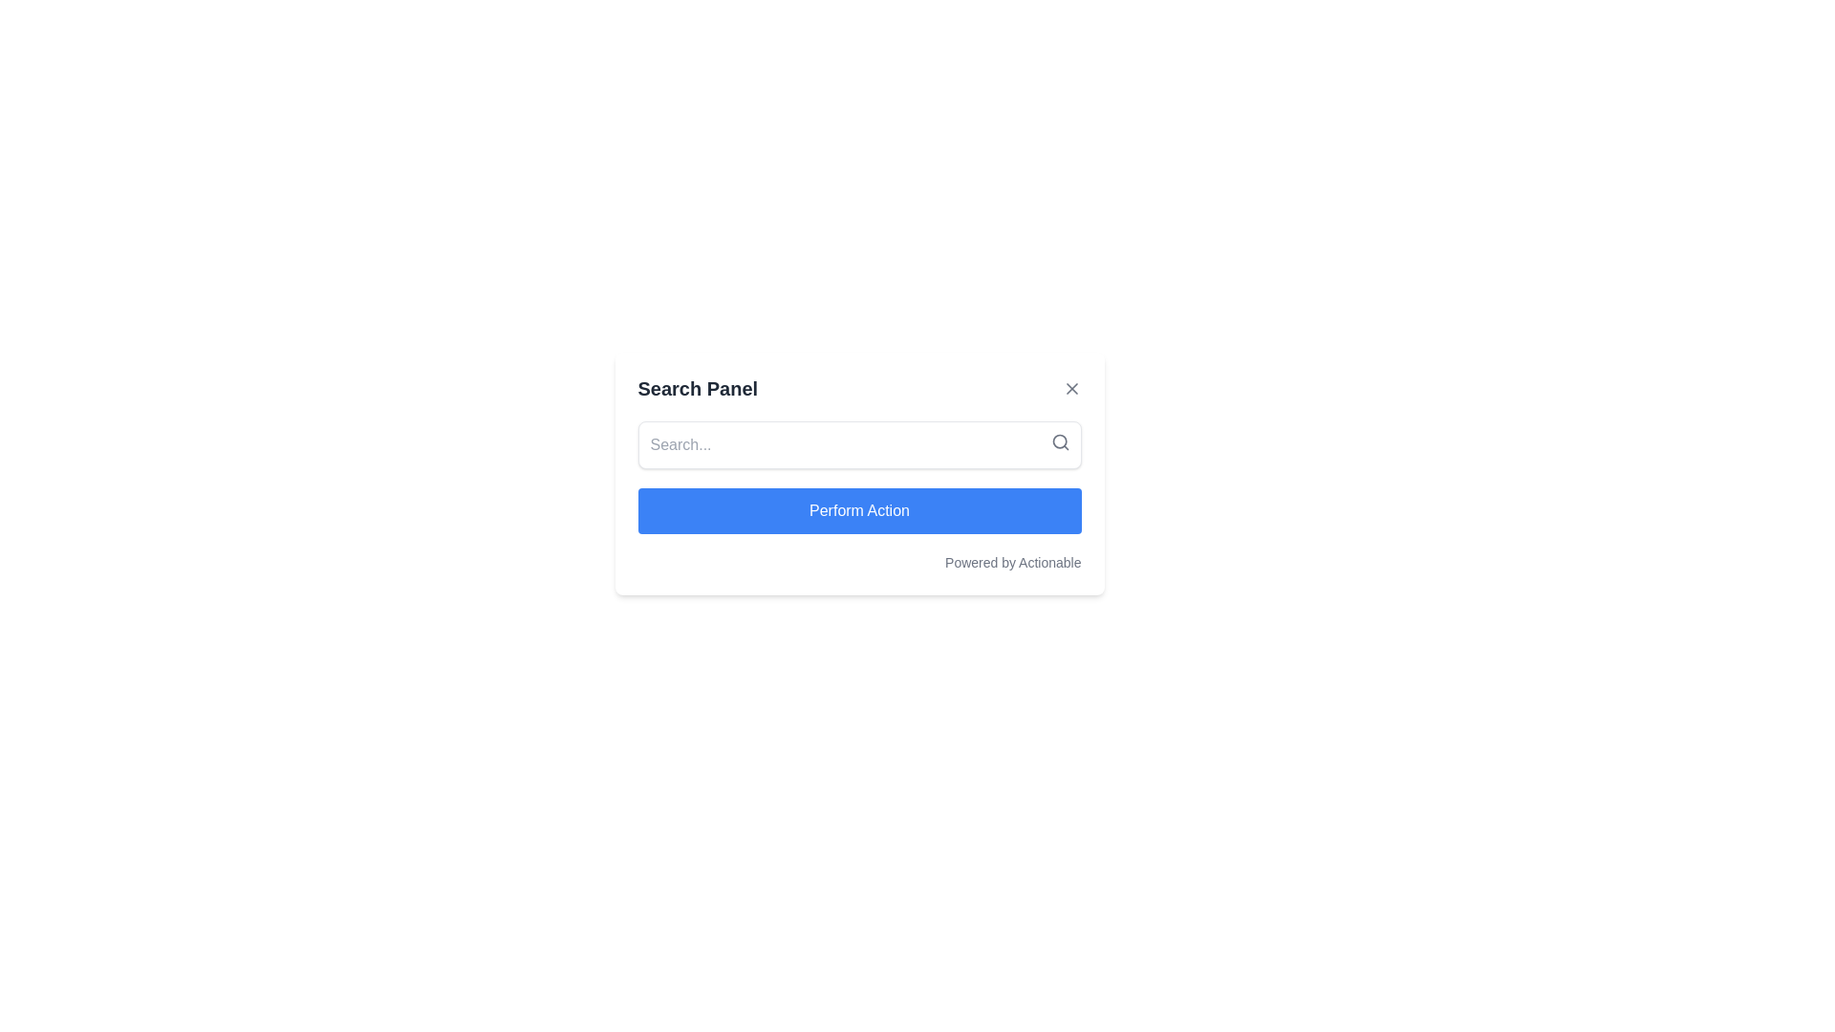 The width and height of the screenshot is (1835, 1032). I want to click on the 'Search Panel' text label, which is styled in bold and large dark gray font and positioned at the top-left corner of the panel interface, so click(697, 388).